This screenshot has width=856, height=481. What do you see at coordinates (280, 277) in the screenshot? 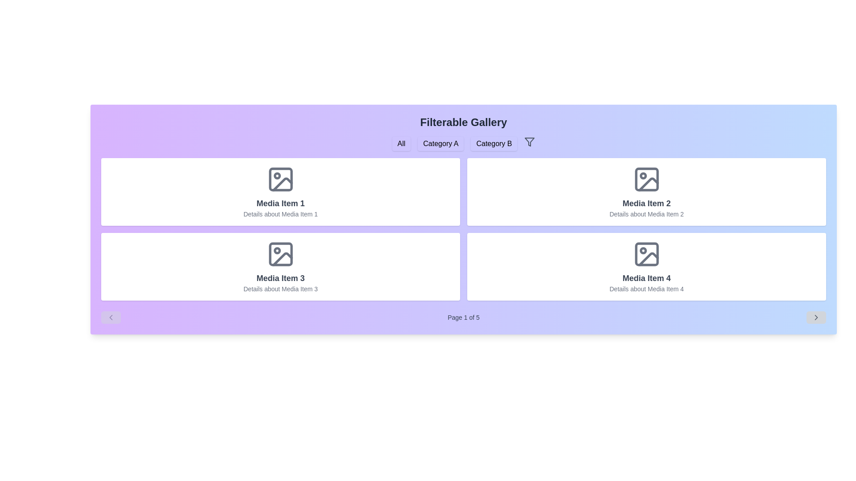
I see `the text label that serves as the title for the media item in the third card of the second row of the gallery layout` at bounding box center [280, 277].